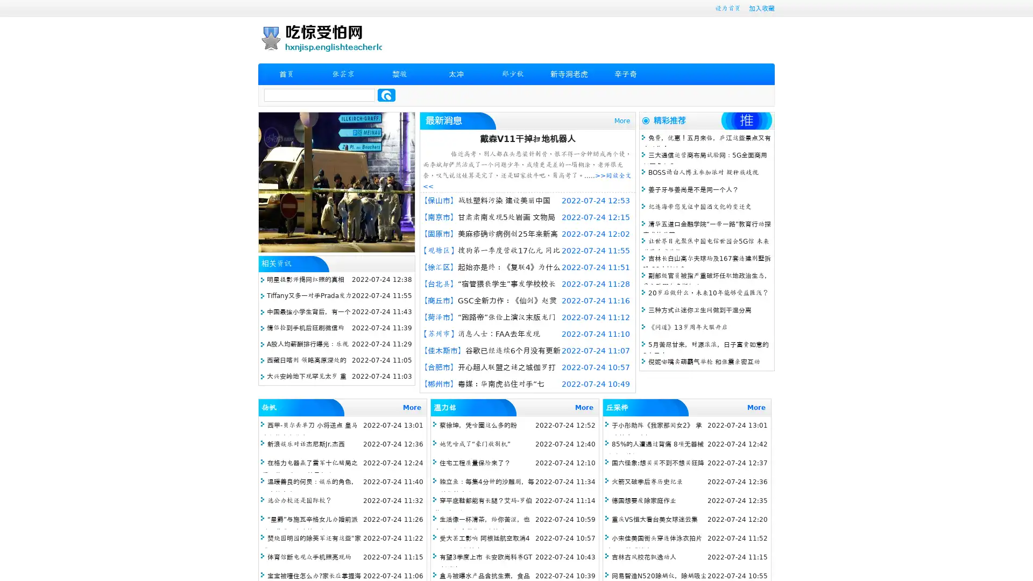 The width and height of the screenshot is (1033, 581). What do you see at coordinates (386, 95) in the screenshot?
I see `Search` at bounding box center [386, 95].